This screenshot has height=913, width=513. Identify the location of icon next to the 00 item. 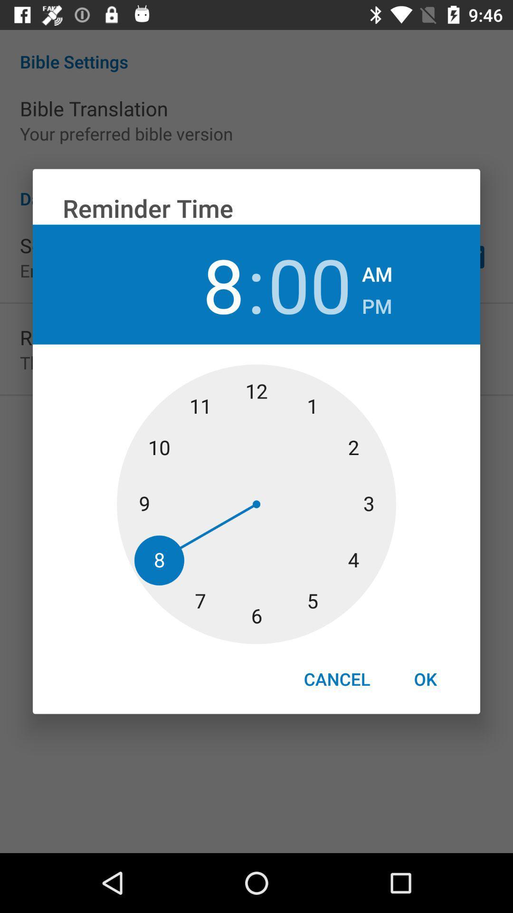
(377, 271).